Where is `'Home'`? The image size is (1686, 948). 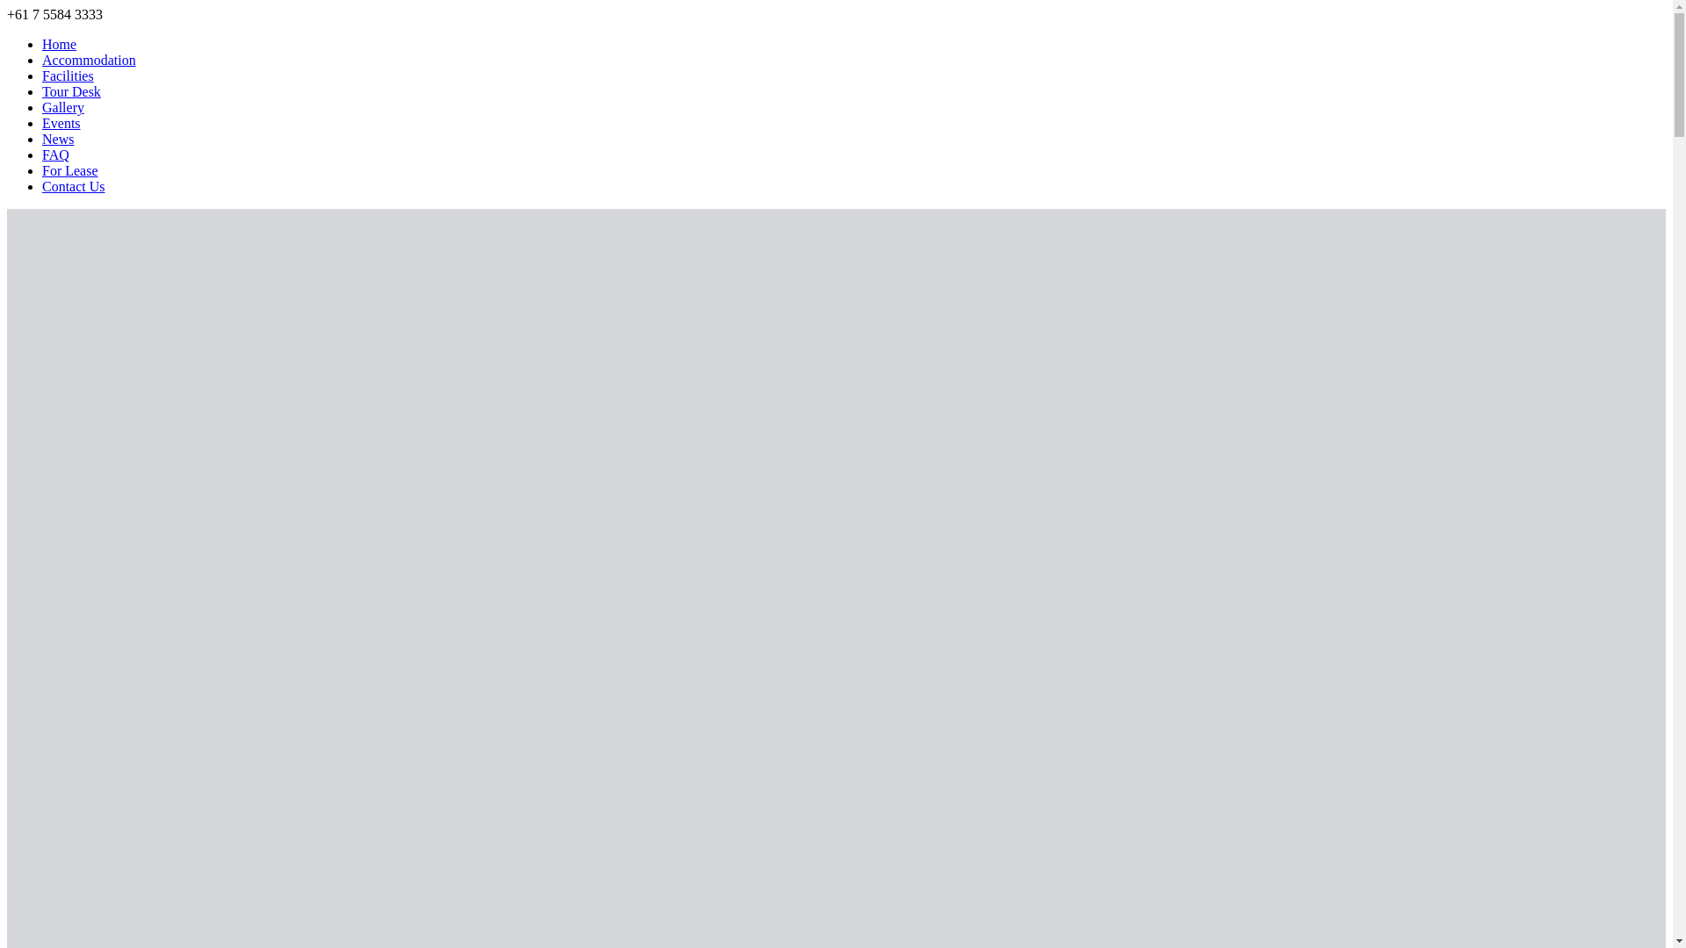 'Home' is located at coordinates (42, 43).